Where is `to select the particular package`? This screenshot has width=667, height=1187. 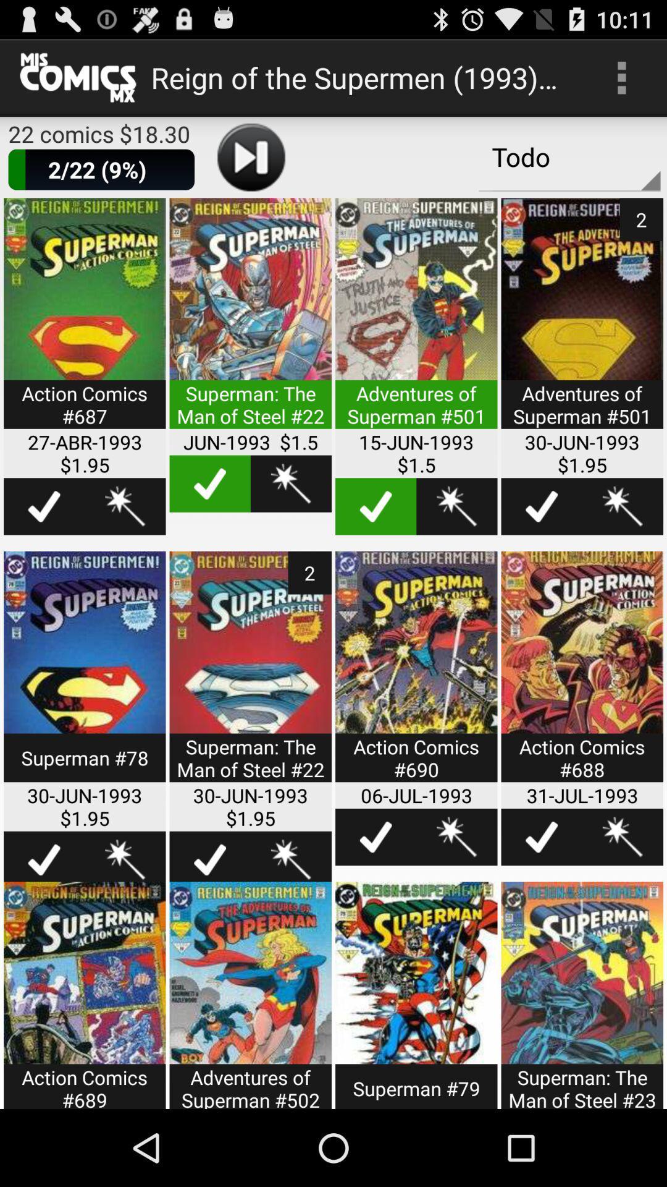 to select the particular package is located at coordinates (84, 321).